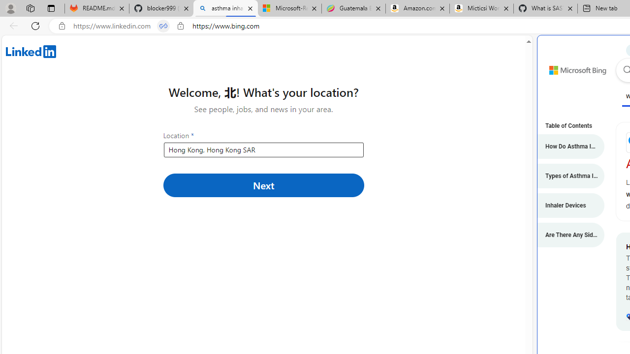  Describe the element at coordinates (225, 8) in the screenshot. I see `'asthma inhaler - Search'` at that location.